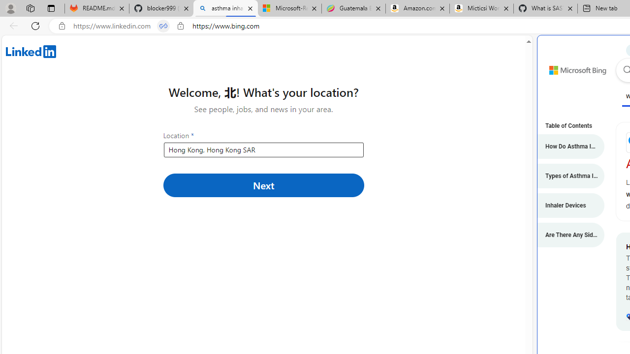  Describe the element at coordinates (225, 8) in the screenshot. I see `'asthma inhaler - Search'` at that location.